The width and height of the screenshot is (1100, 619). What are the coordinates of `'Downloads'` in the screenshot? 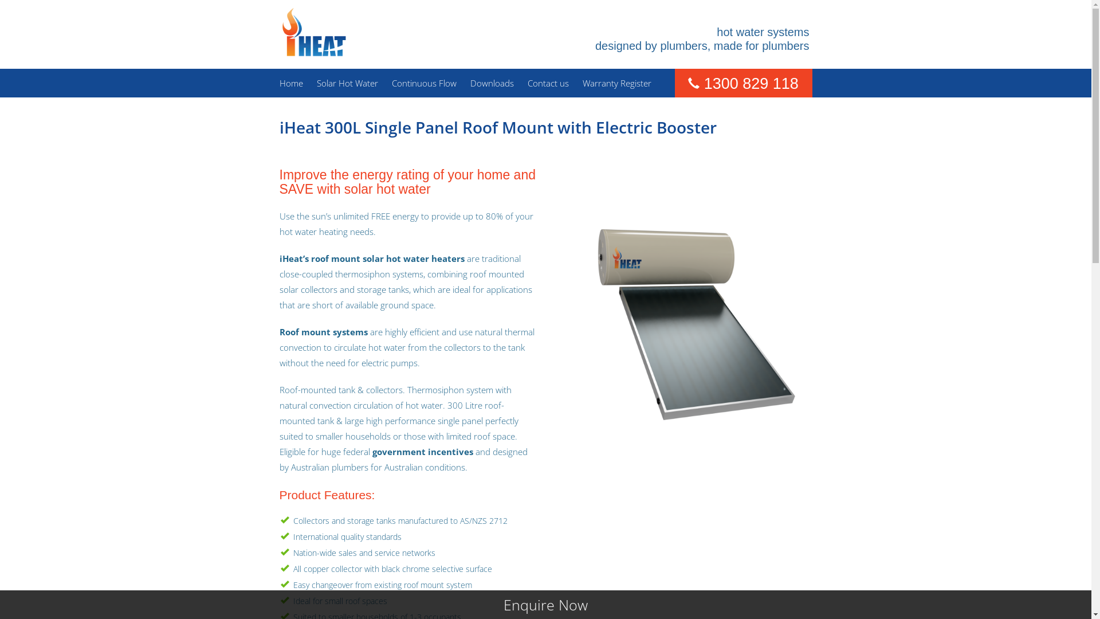 It's located at (470, 83).